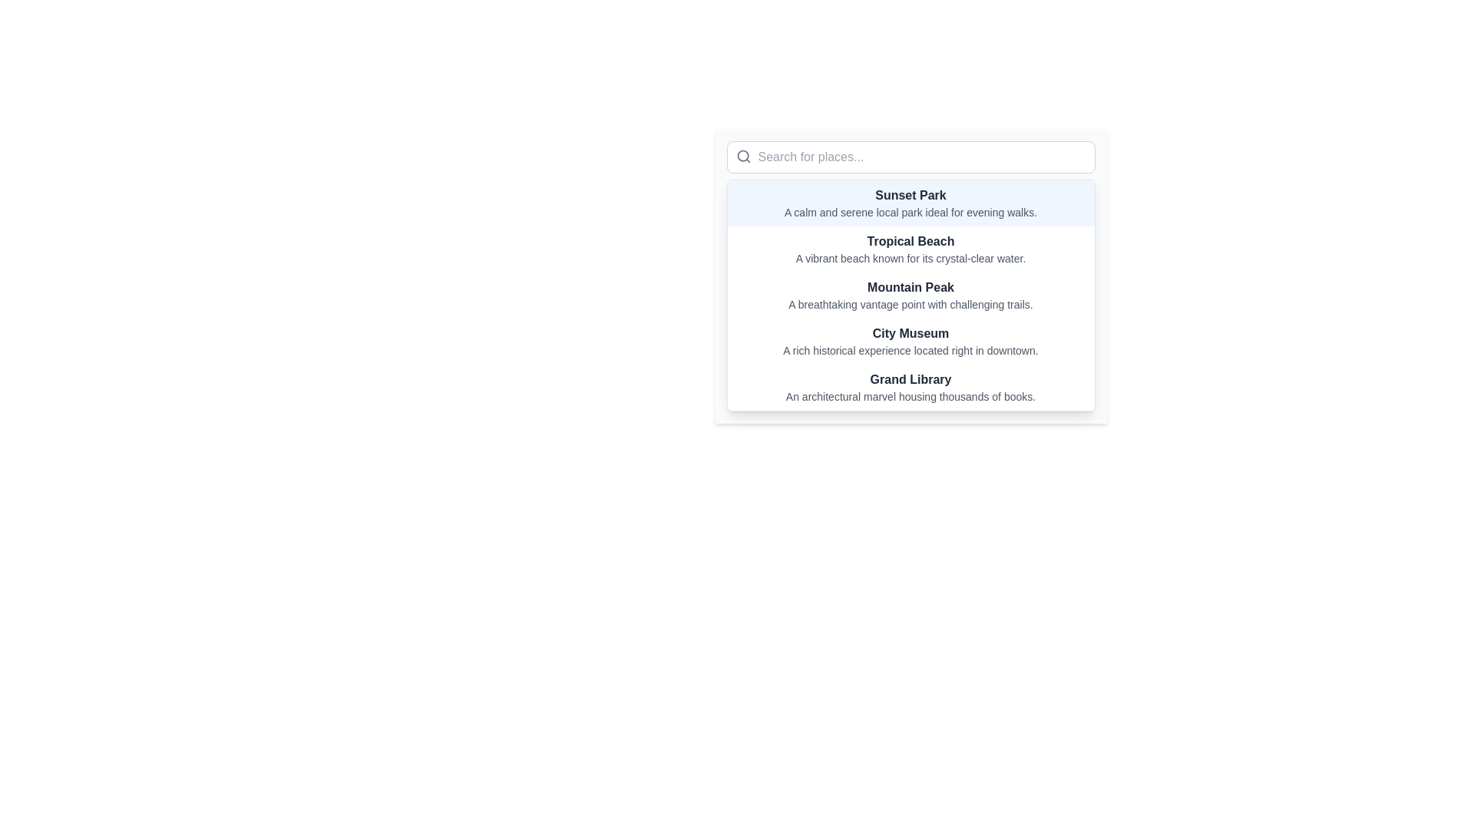 The image size is (1474, 829). What do you see at coordinates (911, 350) in the screenshot?
I see `the text element displaying the message 'A rich historical experience located right in downtown.' which appears as a description beneath the title 'City Museum'` at bounding box center [911, 350].